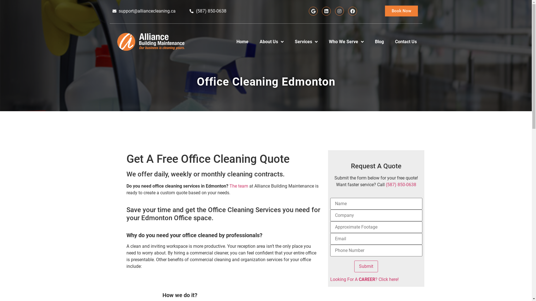 The image size is (536, 301). I want to click on 'Book Now', so click(401, 11).